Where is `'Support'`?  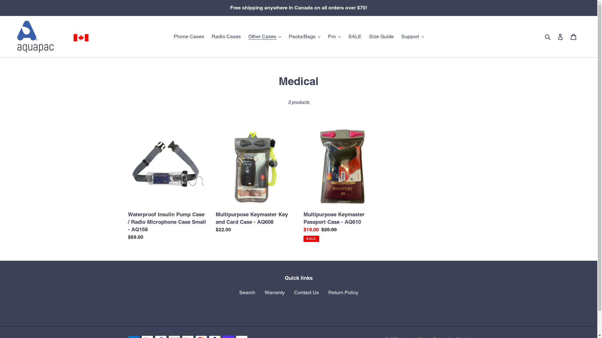 'Support' is located at coordinates (412, 36).